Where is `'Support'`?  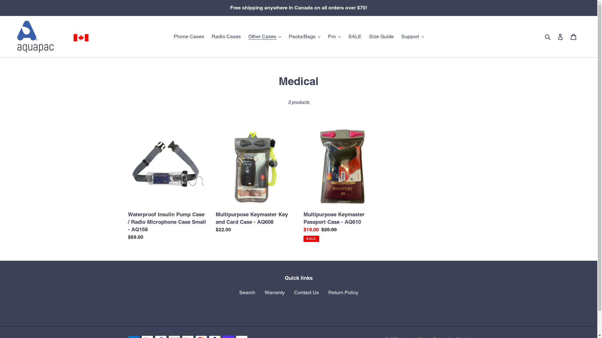 'Support' is located at coordinates (412, 36).